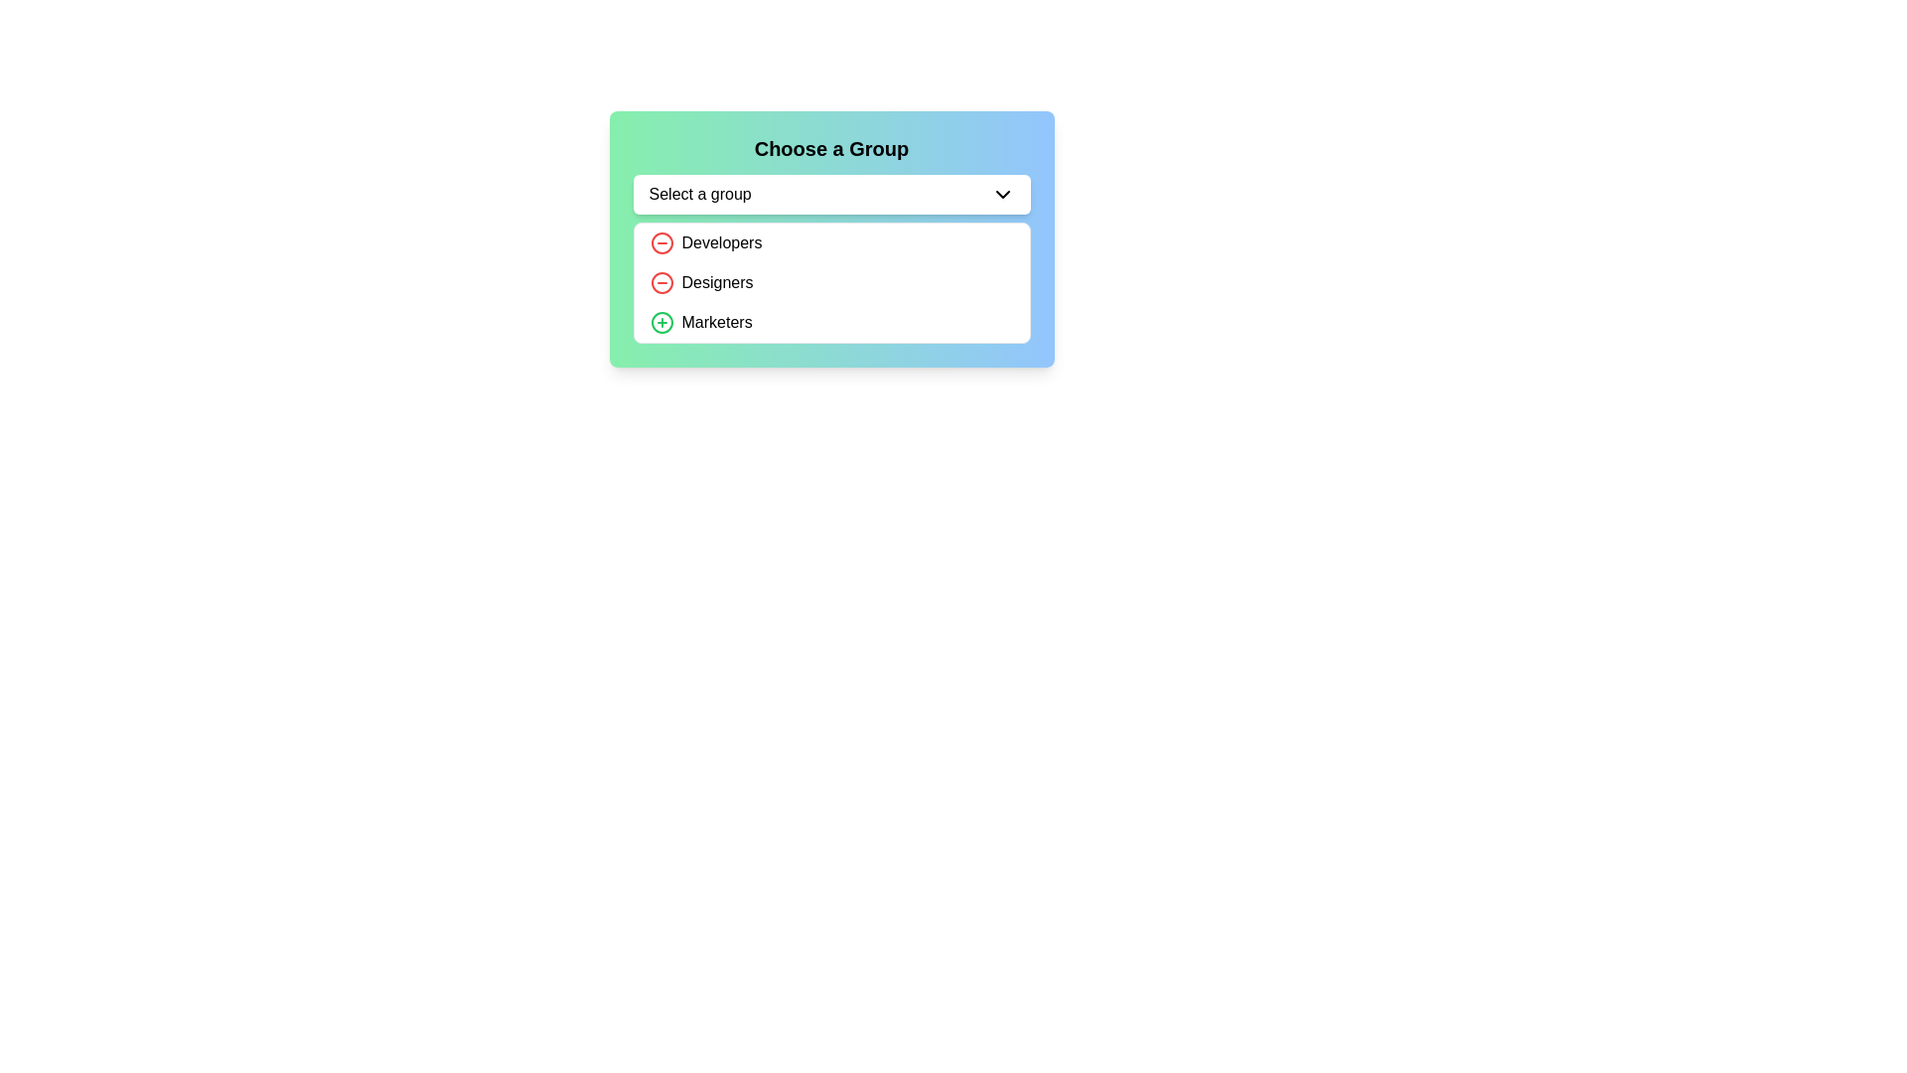  What do you see at coordinates (701, 283) in the screenshot?
I see `the 'Designers' list item within the dropdown menu` at bounding box center [701, 283].